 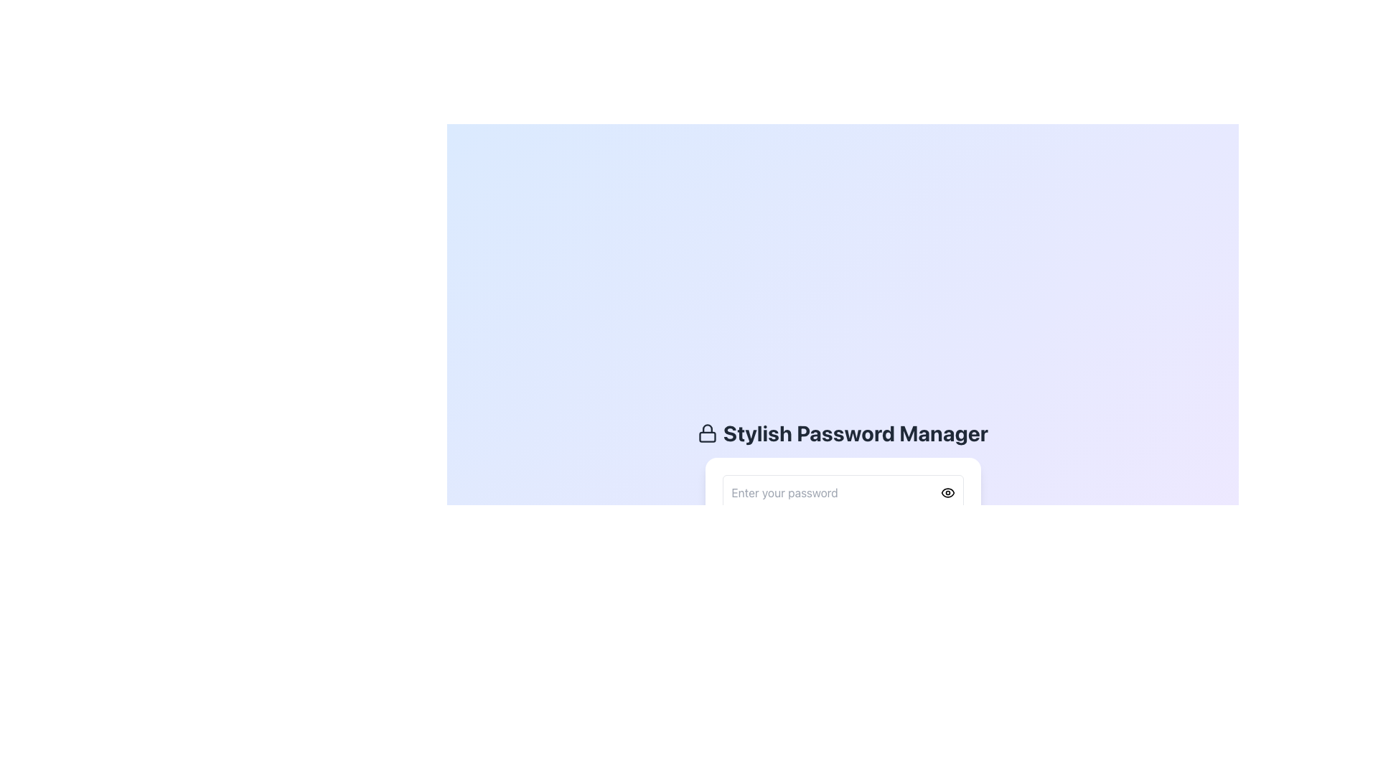 I want to click on the body of the lock icon, which is a rectangle with rounded corners, located to the left of the 'Stylish Password Manager' text, so click(x=707, y=436).